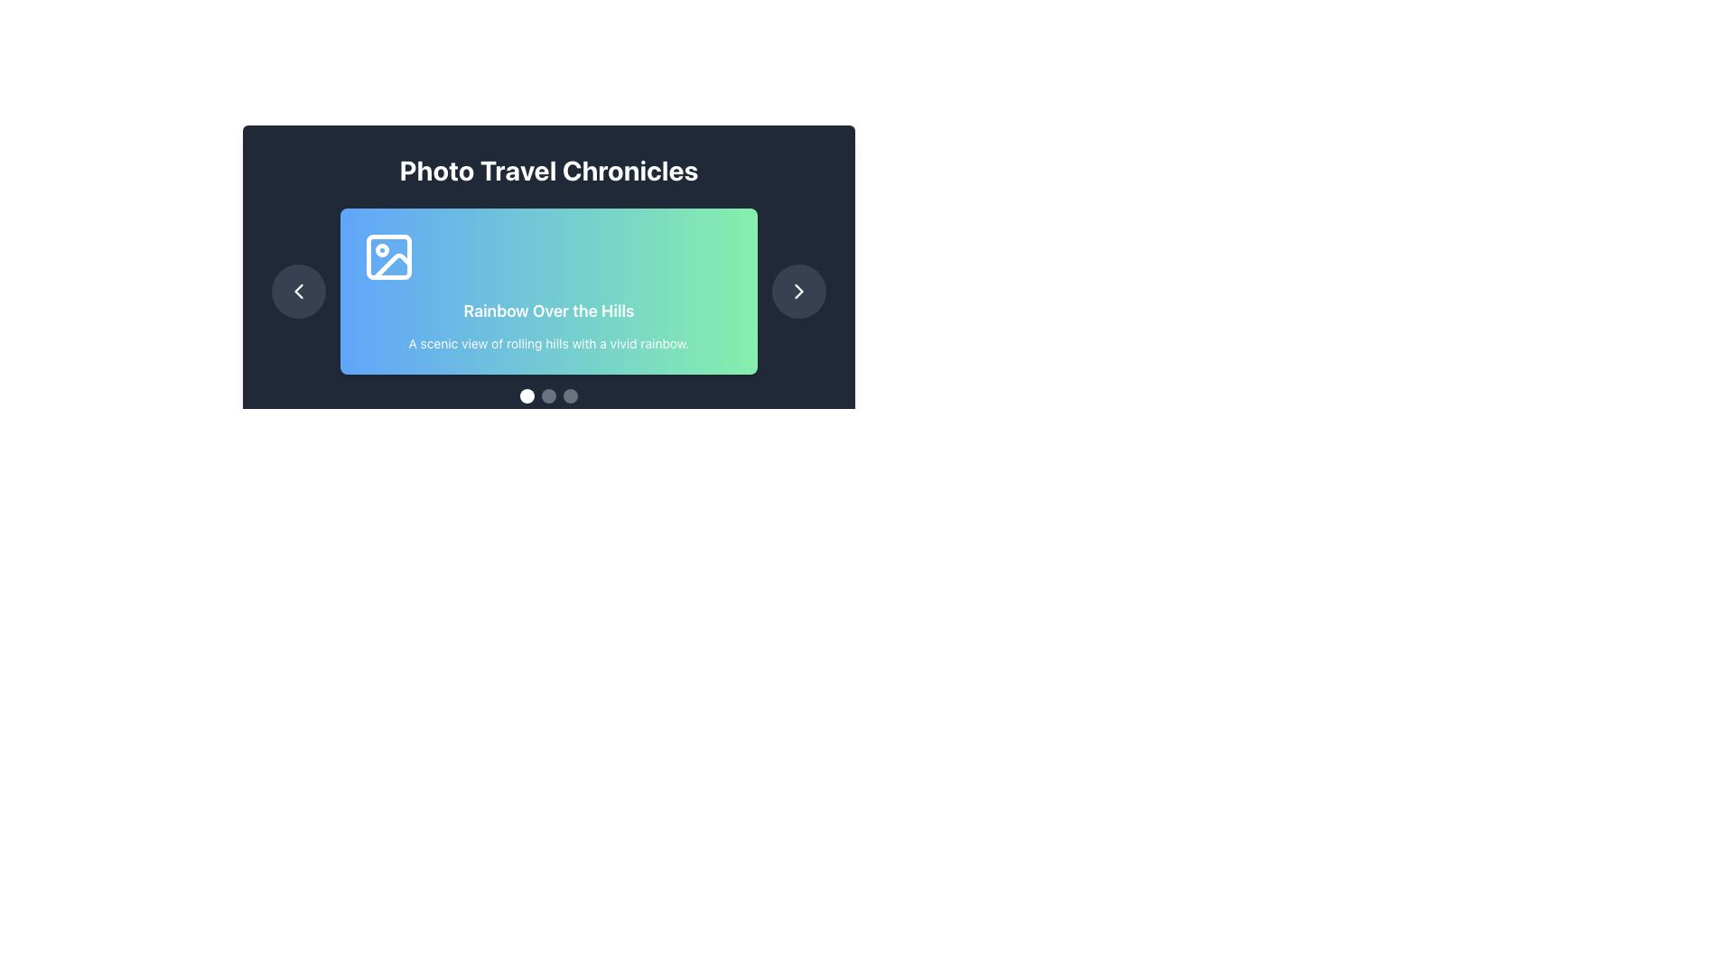 The width and height of the screenshot is (1734, 975). I want to click on the navigation indicator button, which is a small, circular button with a solid gray fill, positioned horizontally between two other similar buttons below the content display section, so click(548, 395).